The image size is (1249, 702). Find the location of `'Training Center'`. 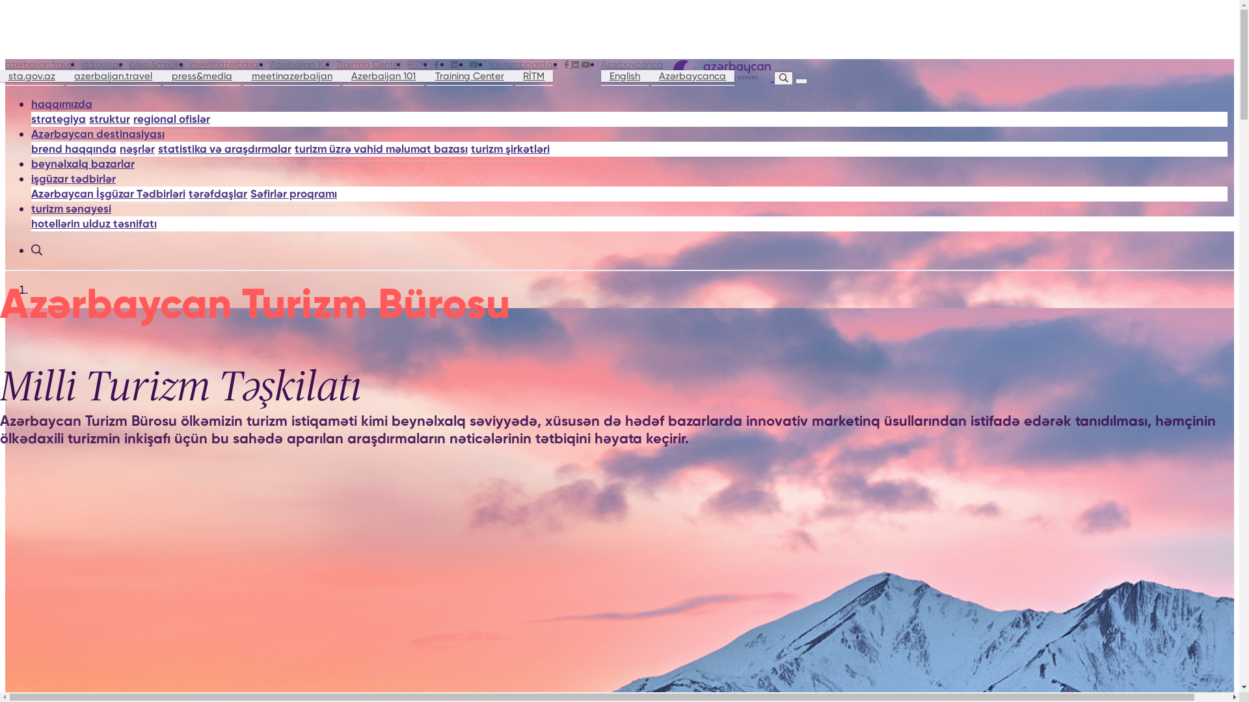

'Training Center' is located at coordinates (368, 64).